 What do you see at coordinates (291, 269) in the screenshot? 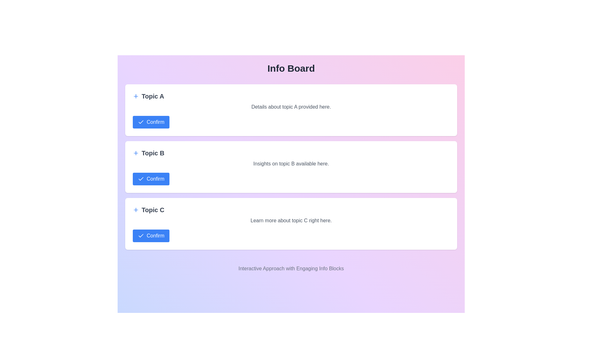
I see `the text label reading 'Interactive Approach with Engaging Info Blocks', which is styled with a subtle font color and located at the bottom of the display within a gradient-styled section` at bounding box center [291, 269].